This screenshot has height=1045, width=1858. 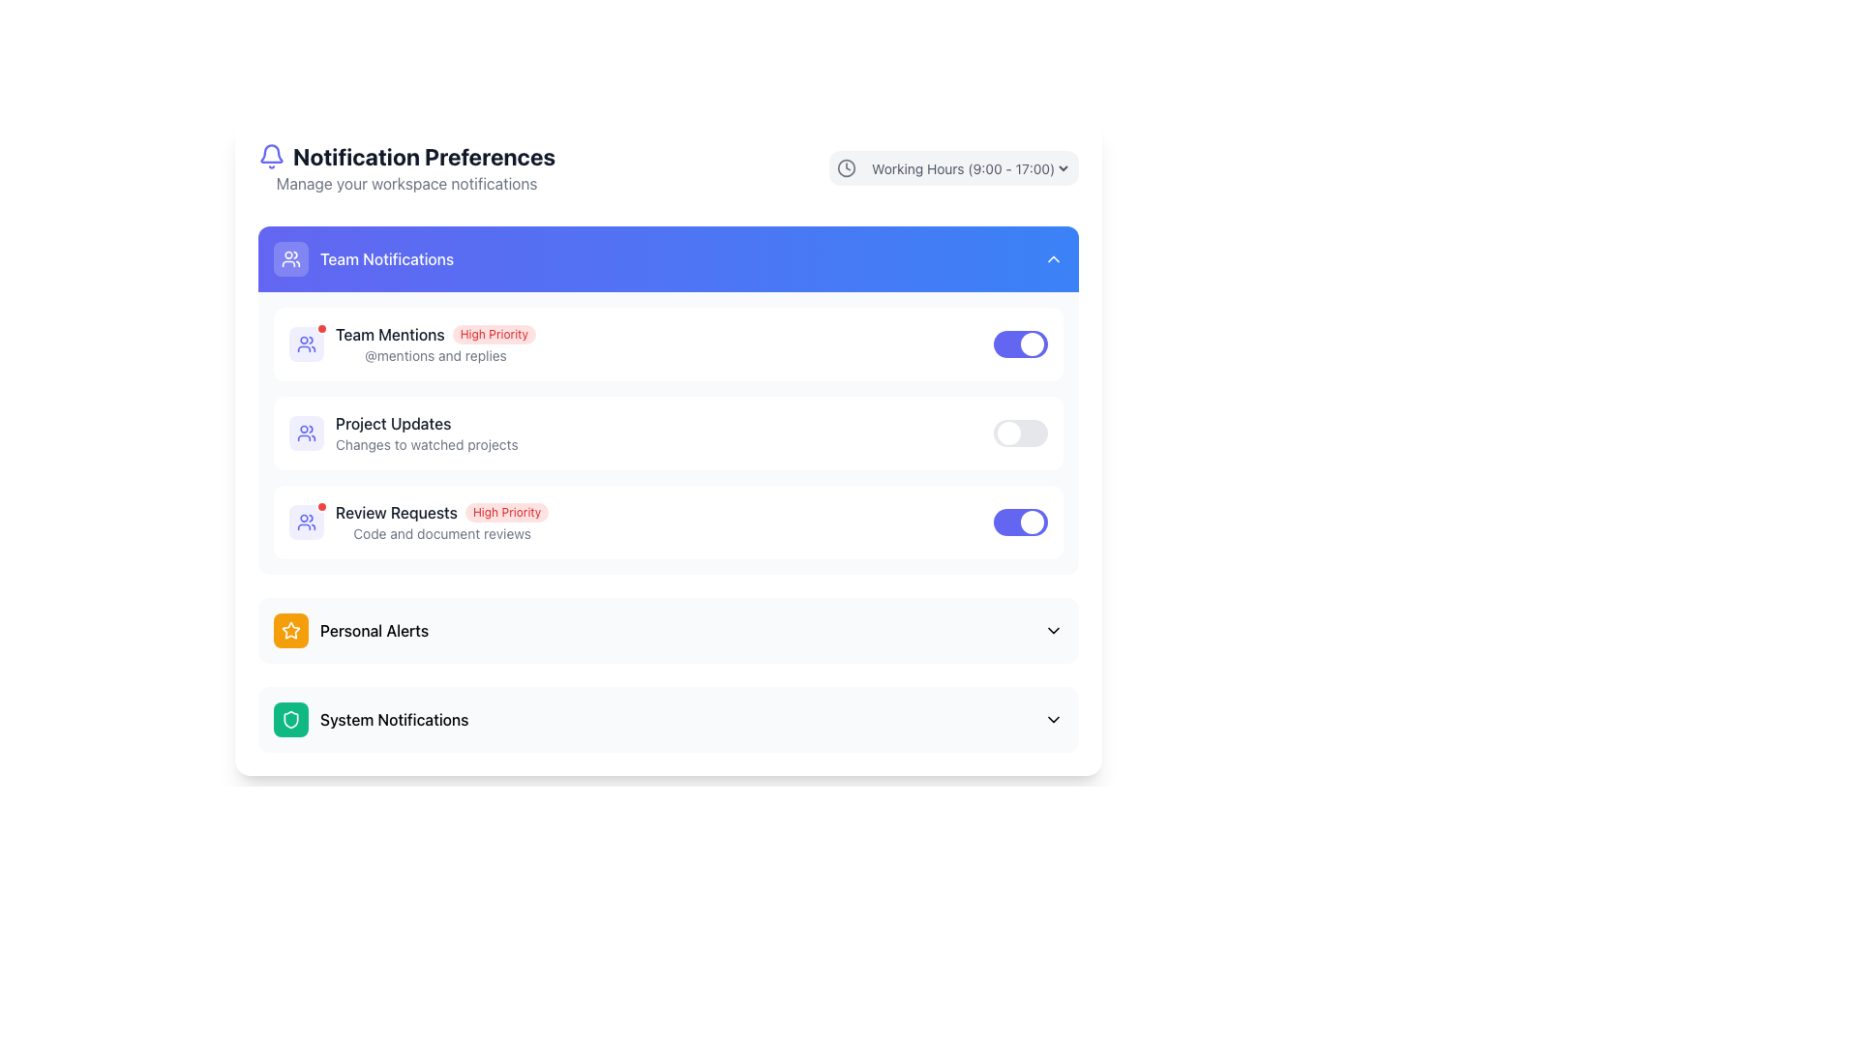 What do you see at coordinates (435, 343) in the screenshot?
I see `the 'Team Mentions' list entry in the 'Team Notifications' section` at bounding box center [435, 343].